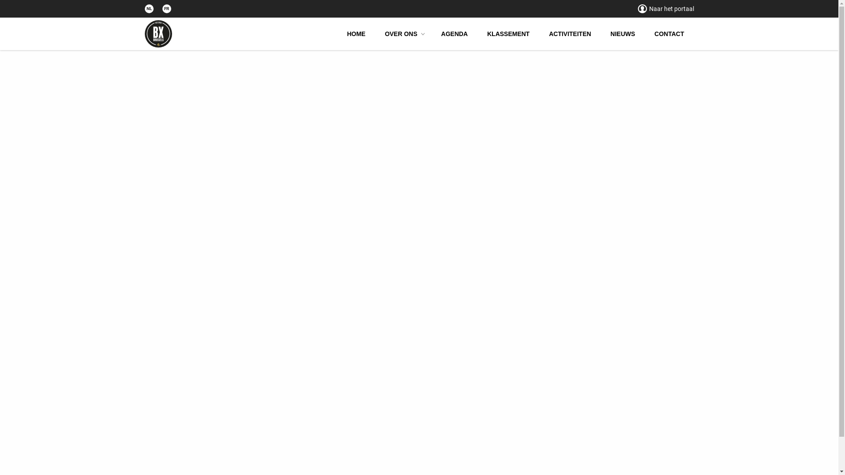  I want to click on 'ACTIVITEITEN', so click(538, 33).